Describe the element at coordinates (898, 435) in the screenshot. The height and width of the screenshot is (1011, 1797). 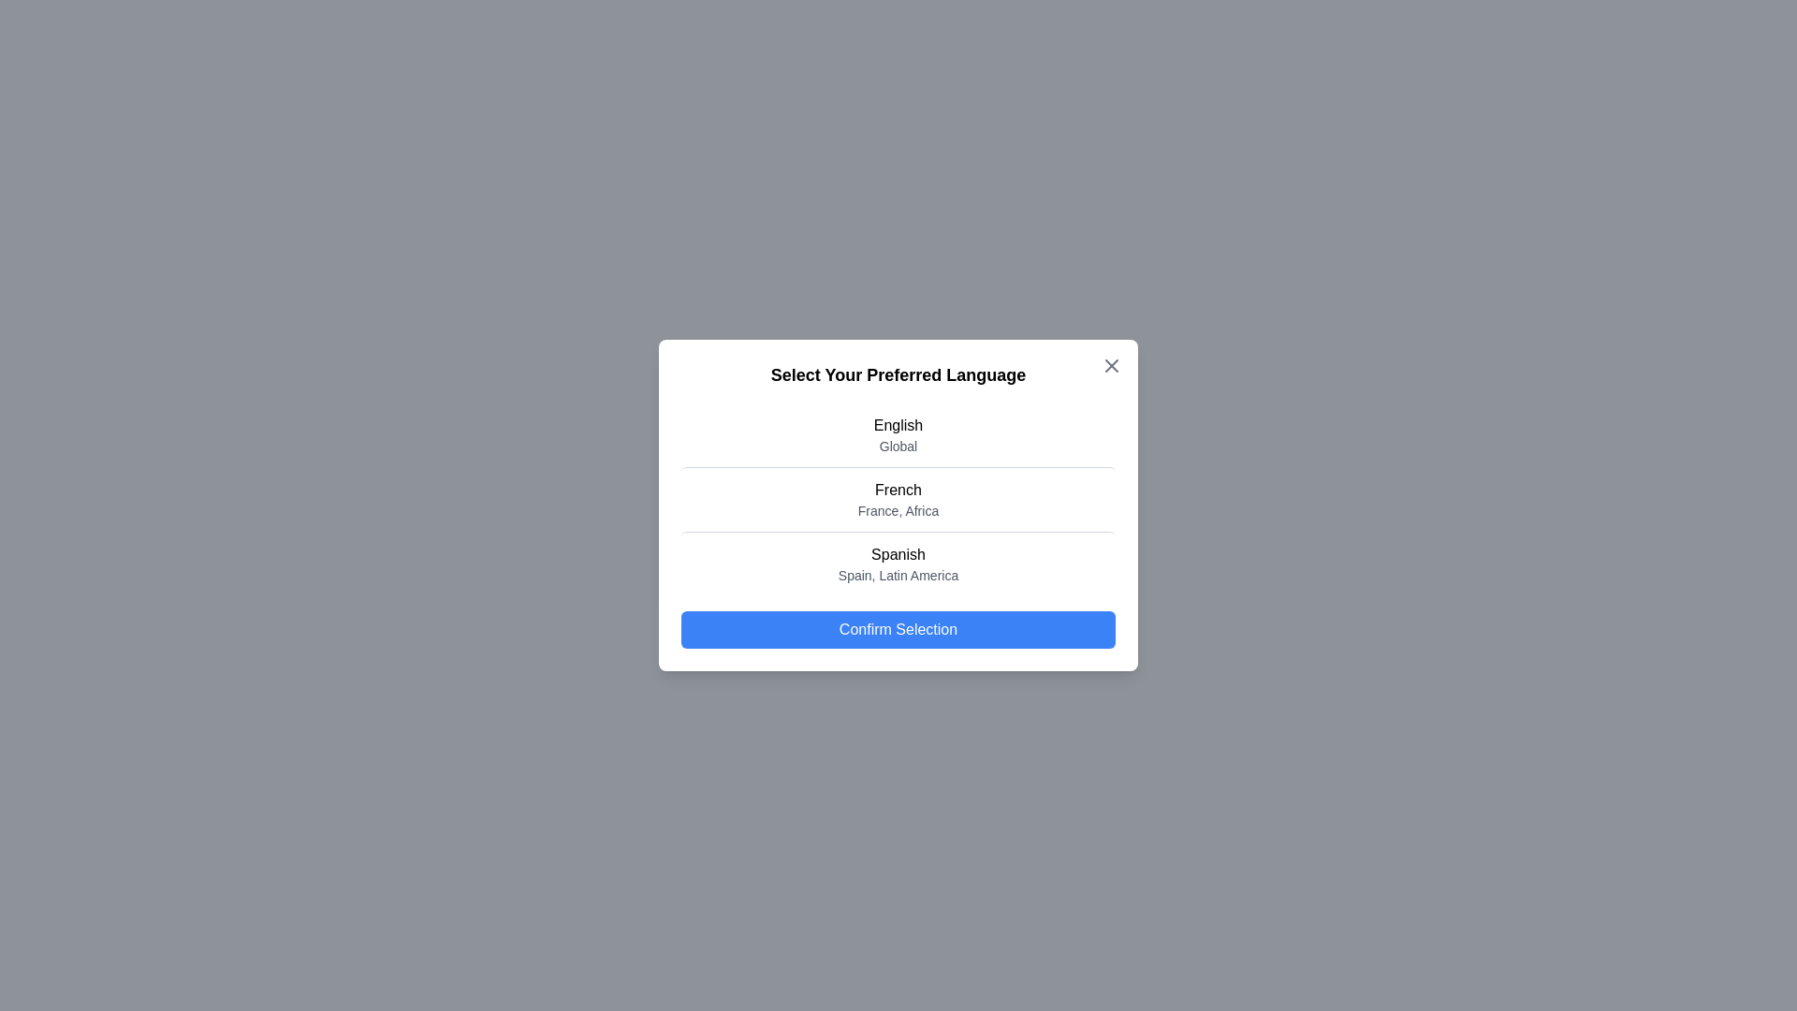
I see `the language English from the list` at that location.